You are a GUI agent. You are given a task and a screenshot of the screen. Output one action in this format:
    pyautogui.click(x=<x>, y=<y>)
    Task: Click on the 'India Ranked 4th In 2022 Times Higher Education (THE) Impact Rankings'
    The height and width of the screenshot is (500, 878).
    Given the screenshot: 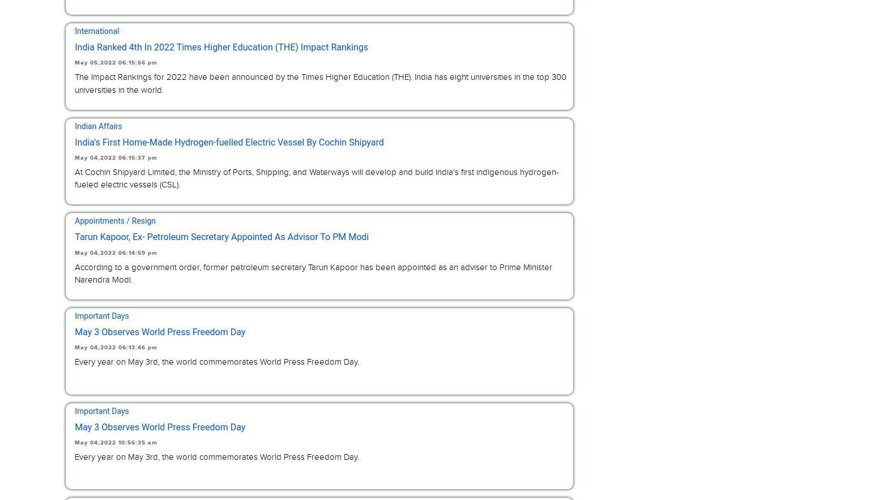 What is the action you would take?
    pyautogui.click(x=221, y=46)
    